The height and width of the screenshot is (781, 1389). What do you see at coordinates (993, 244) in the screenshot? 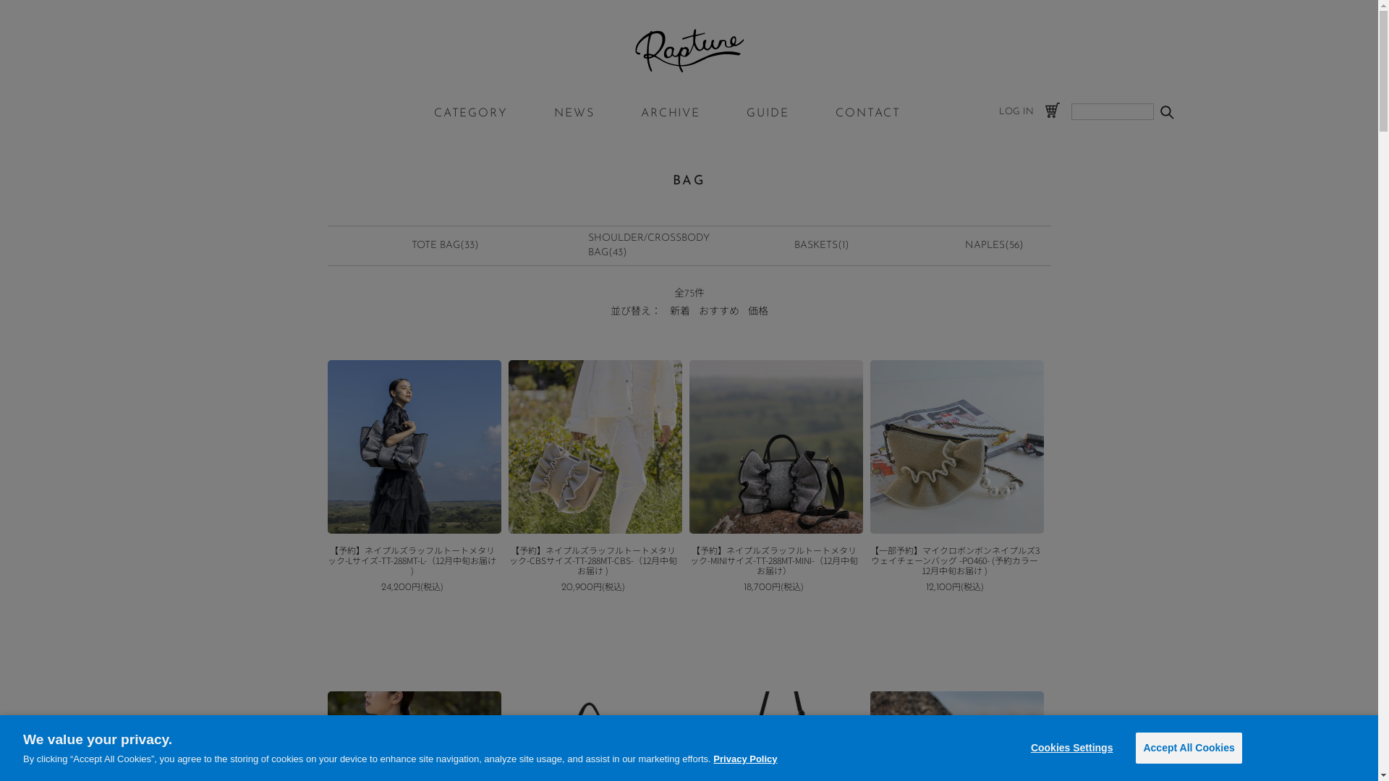
I see `'NAPLES(56)'` at bounding box center [993, 244].